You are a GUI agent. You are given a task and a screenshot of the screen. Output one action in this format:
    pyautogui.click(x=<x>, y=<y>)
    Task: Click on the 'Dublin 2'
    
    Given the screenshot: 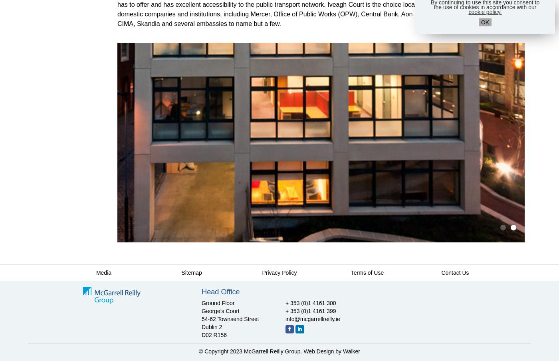 What is the action you would take?
    pyautogui.click(x=212, y=327)
    